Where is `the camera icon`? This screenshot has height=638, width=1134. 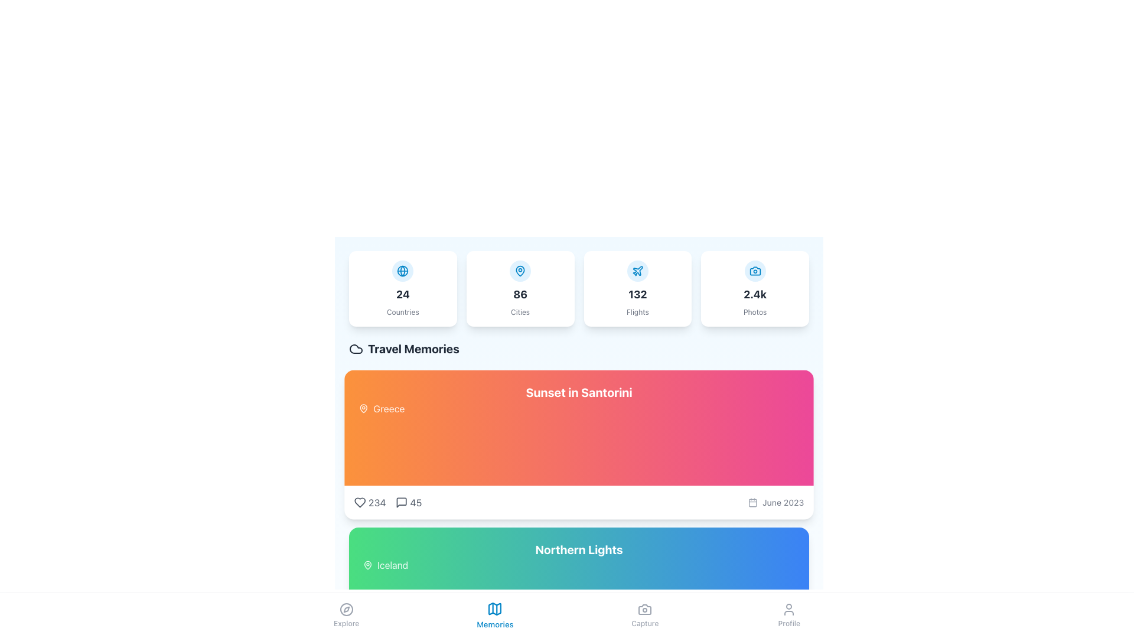
the camera icon is located at coordinates (644, 610).